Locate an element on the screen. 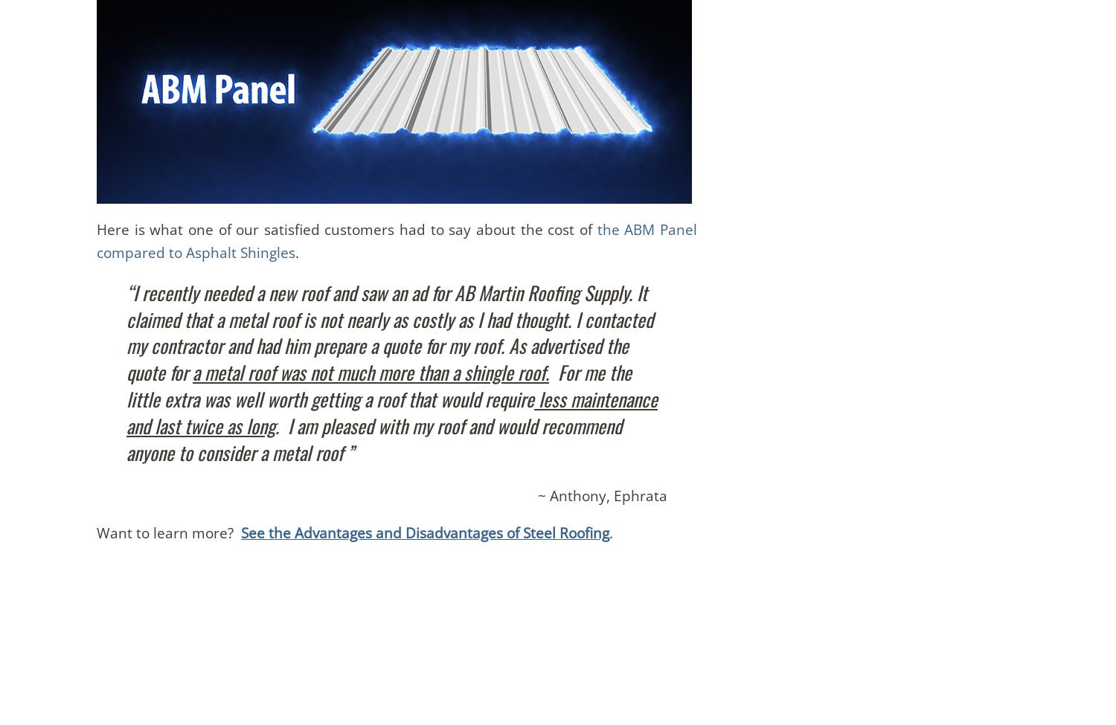 This screenshot has height=725, width=1116. '“I recently needed a new roof and saw an ad for AB Martin Roofing Supply. It claimed that a metal roof is not nearly as costly as I had thought. I contacted my contractor and had him prepare a quote for my roof. As advertised the quote for' is located at coordinates (389, 331).